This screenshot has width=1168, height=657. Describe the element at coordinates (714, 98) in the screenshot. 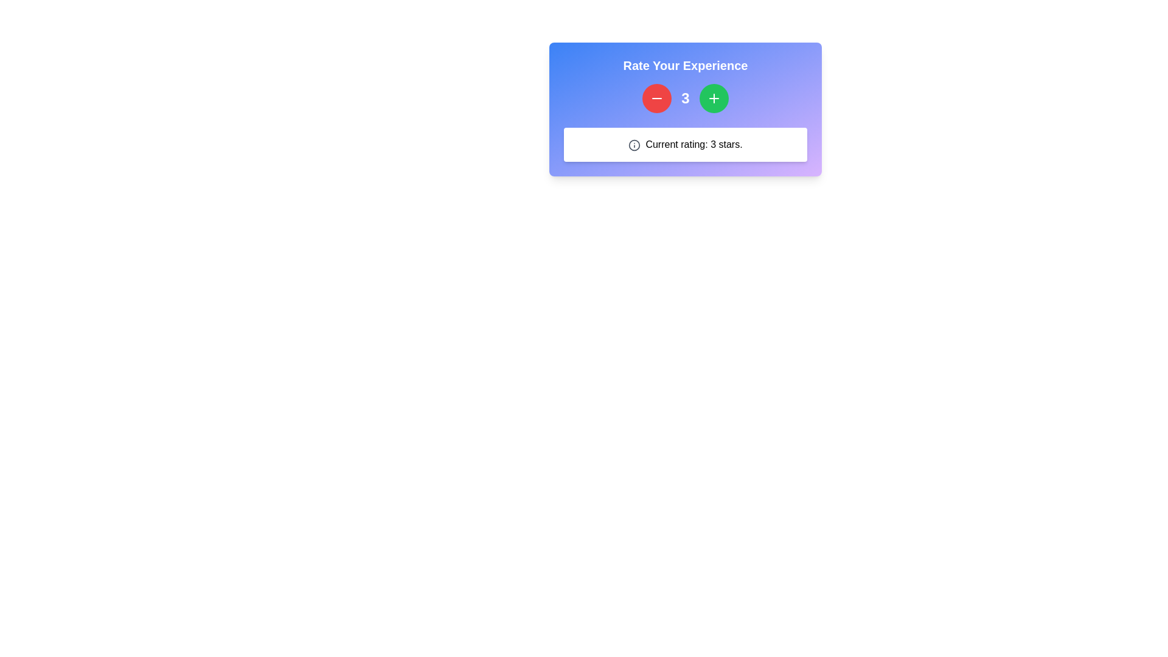

I see `the green button located to the right of the numerical label '3' to increment the rating displayed in the adjacent text label` at that location.